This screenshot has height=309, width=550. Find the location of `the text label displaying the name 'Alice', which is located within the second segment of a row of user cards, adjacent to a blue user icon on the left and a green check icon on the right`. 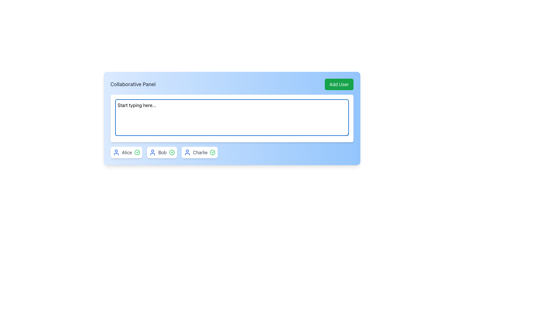

the text label displaying the name 'Alice', which is located within the second segment of a row of user cards, adjacent to a blue user icon on the left and a green check icon on the right is located at coordinates (127, 152).